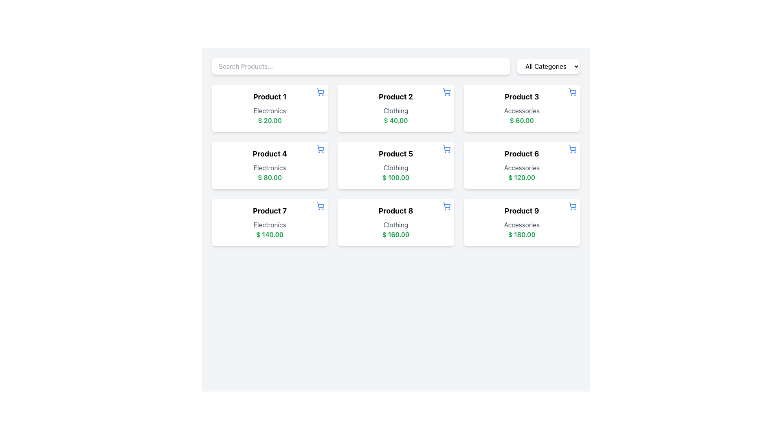 This screenshot has height=440, width=782. I want to click on the blue shopping cart icon located in the top-right corner of the 'Product 2' card to trigger a tooltip or visual response, so click(446, 92).